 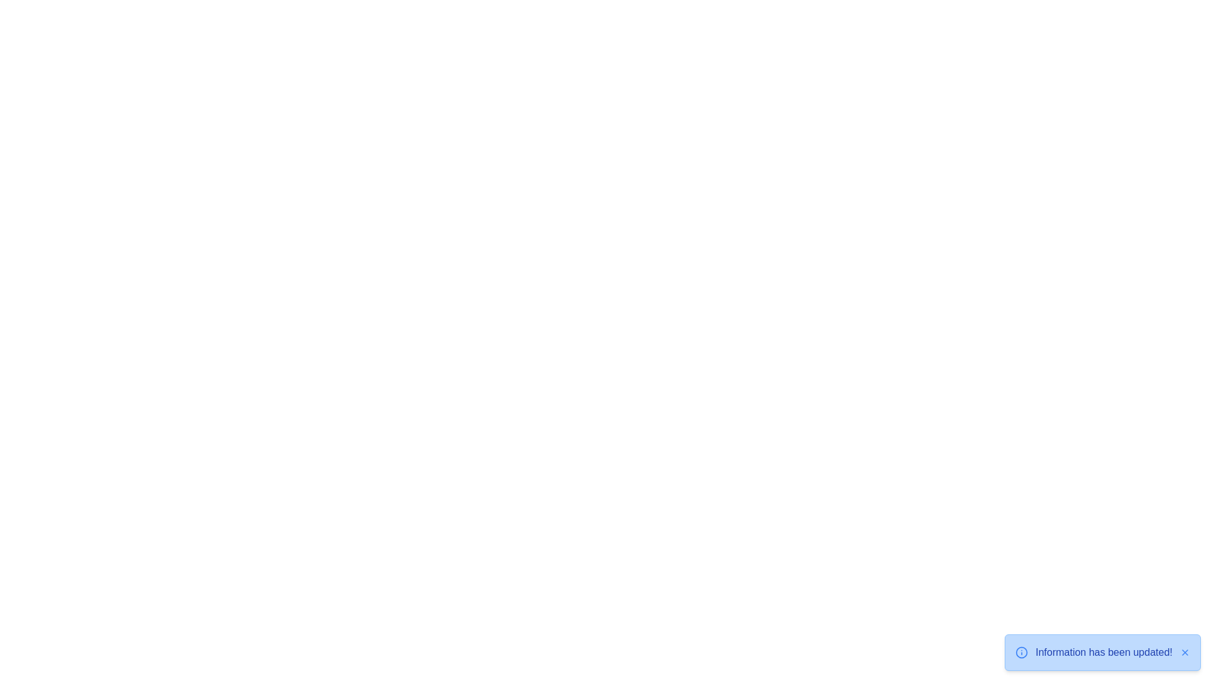 What do you see at coordinates (1021, 652) in the screenshot?
I see `the informational icon in the snackbar` at bounding box center [1021, 652].